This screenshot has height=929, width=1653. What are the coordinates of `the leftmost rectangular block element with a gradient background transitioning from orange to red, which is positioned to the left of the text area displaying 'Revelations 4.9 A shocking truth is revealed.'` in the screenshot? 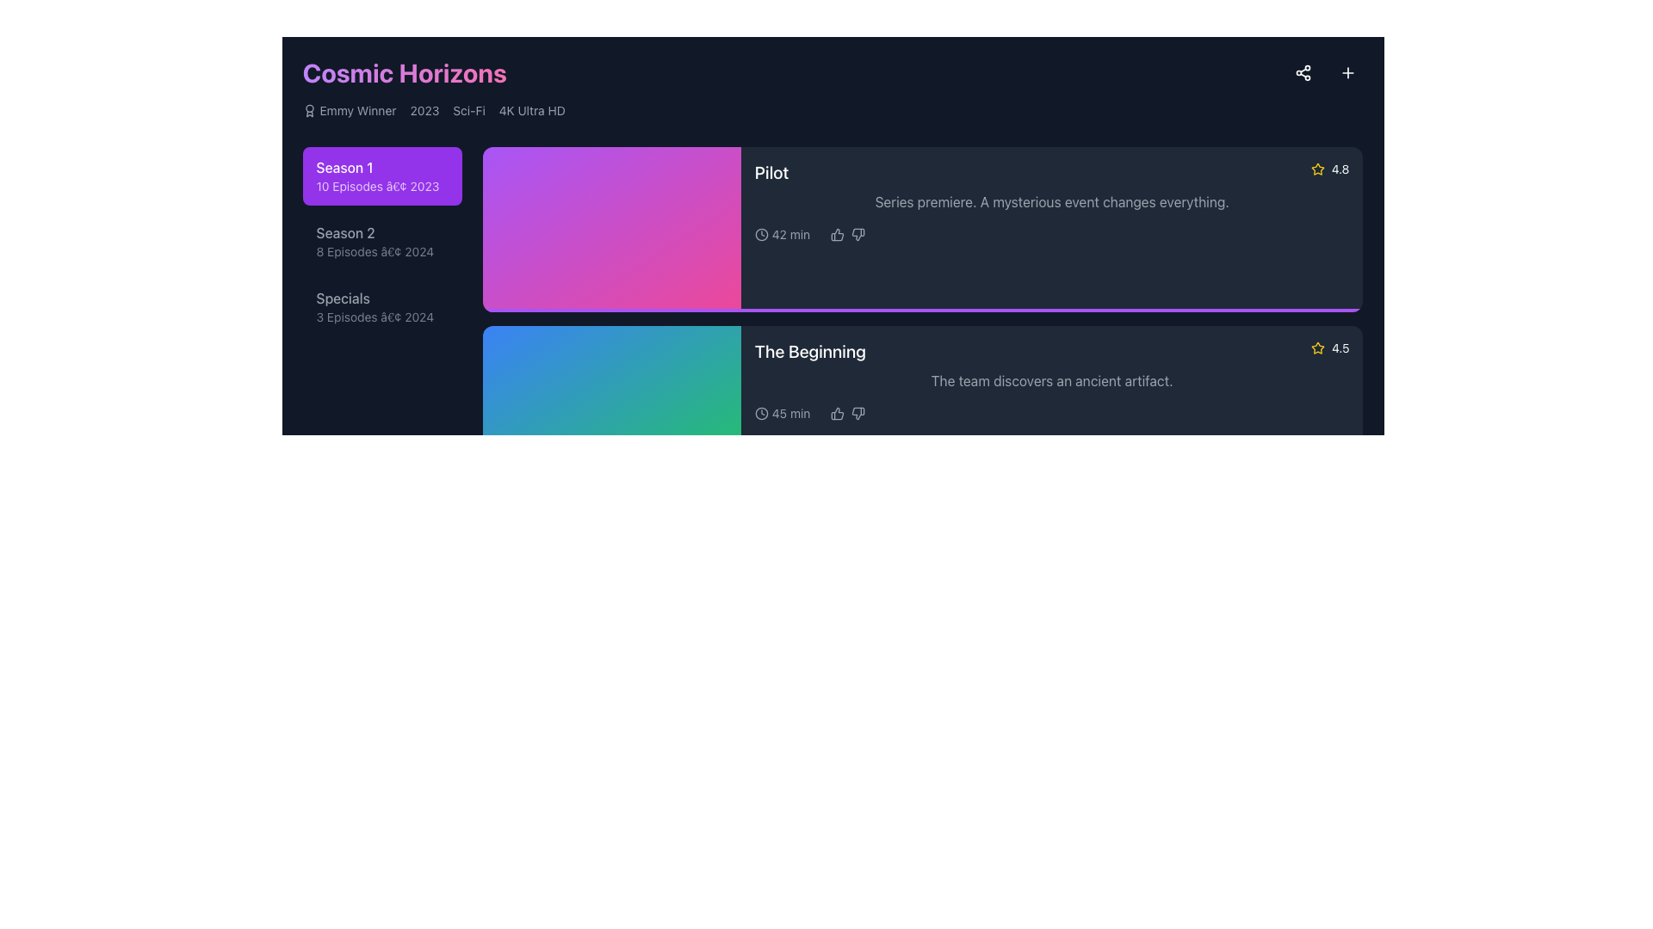 It's located at (611, 586).